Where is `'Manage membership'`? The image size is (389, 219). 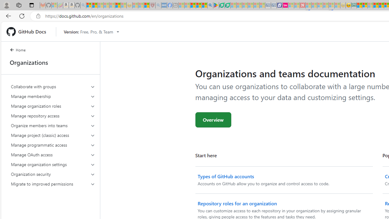 'Manage membership' is located at coordinates (53, 96).